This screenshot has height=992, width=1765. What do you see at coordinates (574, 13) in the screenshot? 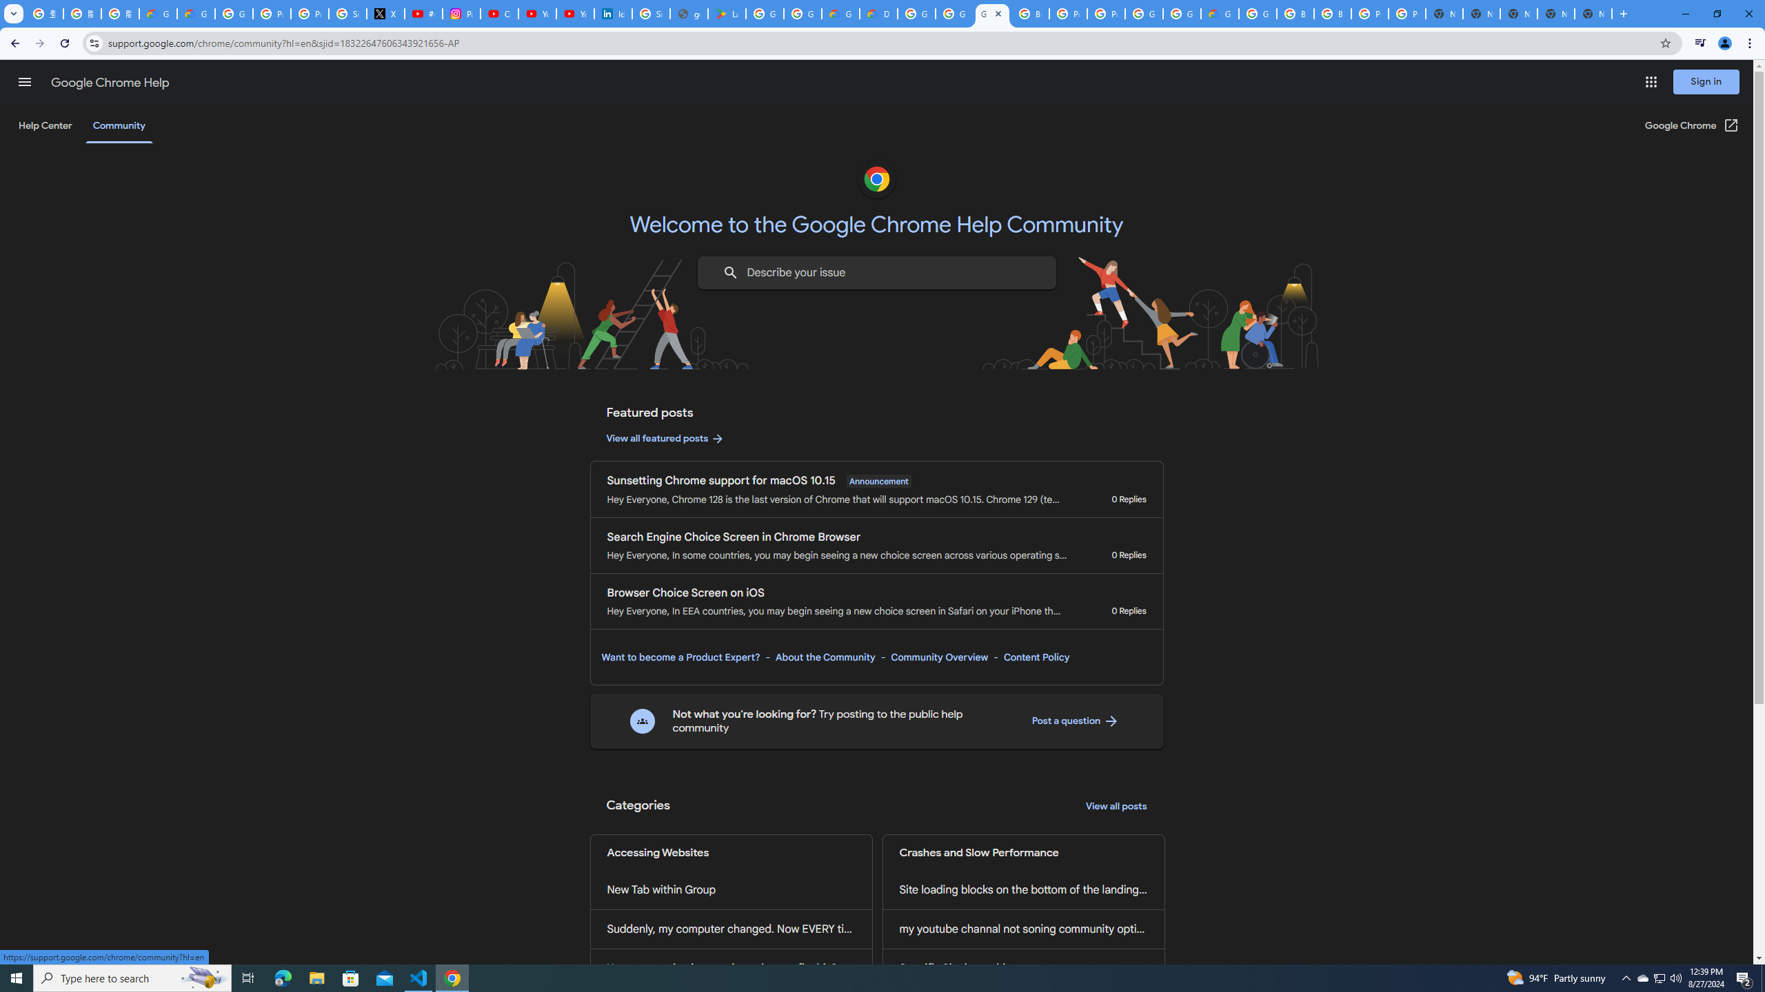
I see `'YouTube Culture & Trends - YouTube Top 10, 2021'` at bounding box center [574, 13].